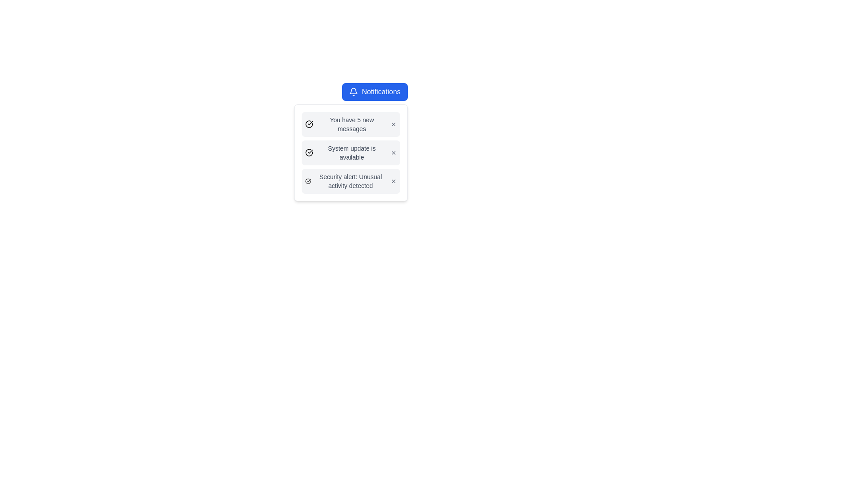 The width and height of the screenshot is (853, 480). What do you see at coordinates (309, 152) in the screenshot?
I see `the system update notification icon that indicates a completed or positive state, located to the left of the text 'System update is available' in the notification panel` at bounding box center [309, 152].